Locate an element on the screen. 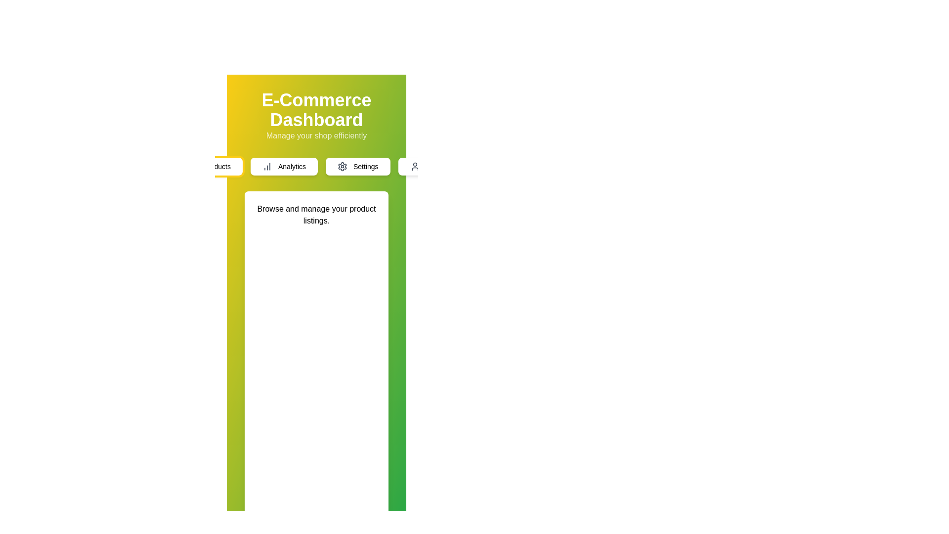  the settings button containing the configuration icon located in the top navigation bar of the application interface is located at coordinates (342, 166).